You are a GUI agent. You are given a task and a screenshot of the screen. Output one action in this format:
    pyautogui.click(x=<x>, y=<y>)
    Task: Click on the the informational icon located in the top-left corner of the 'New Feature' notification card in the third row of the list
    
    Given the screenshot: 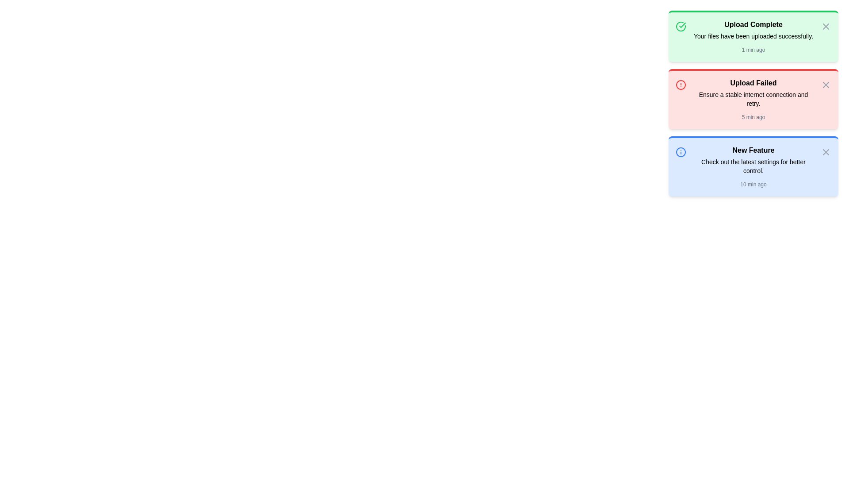 What is the action you would take?
    pyautogui.click(x=681, y=151)
    